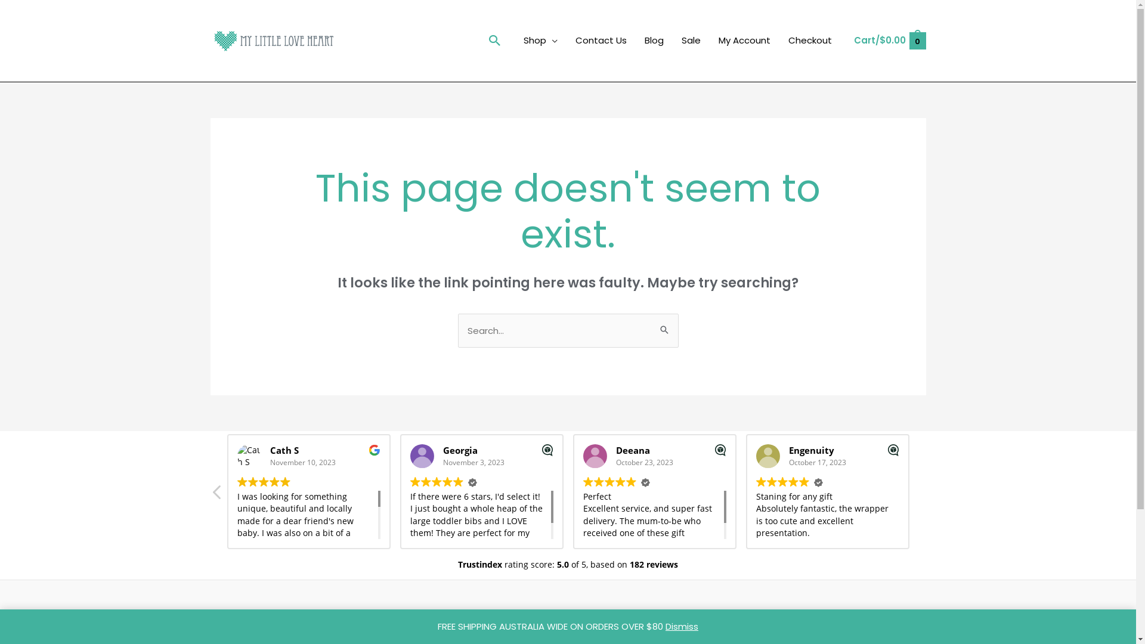  What do you see at coordinates (889, 40) in the screenshot?
I see `'Cart/$0.00` at bounding box center [889, 40].